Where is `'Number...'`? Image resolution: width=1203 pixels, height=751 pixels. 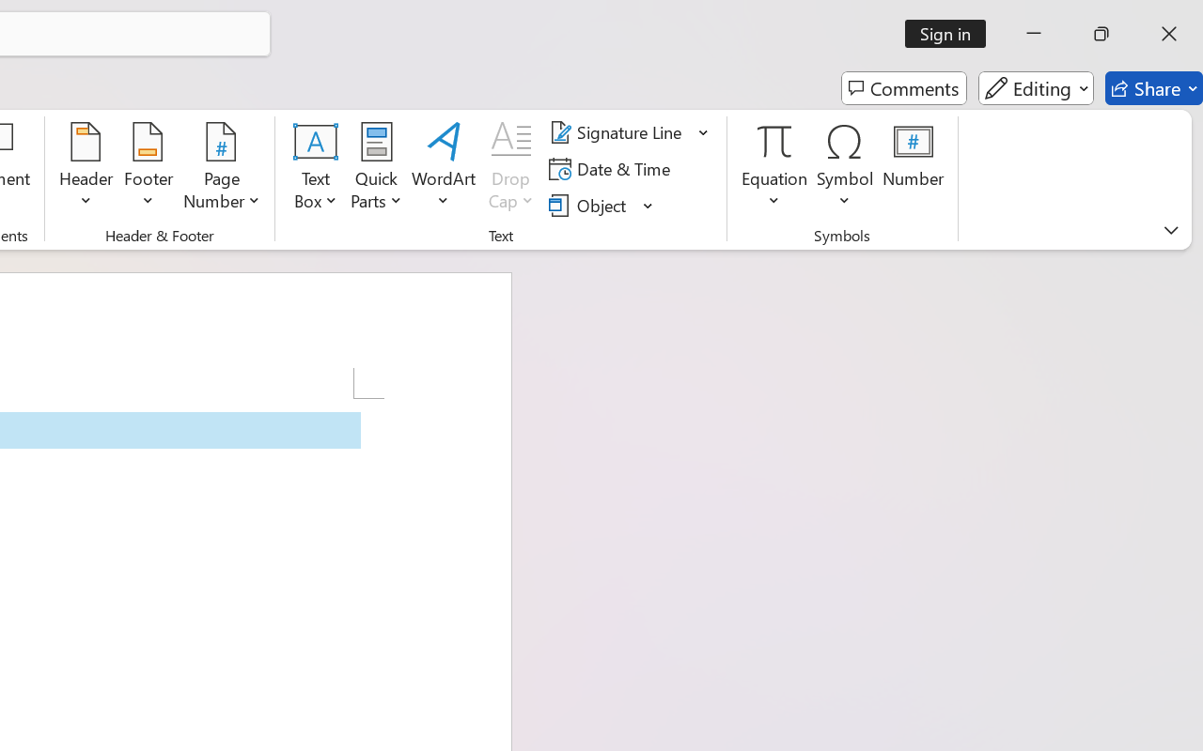
'Number...' is located at coordinates (914, 168).